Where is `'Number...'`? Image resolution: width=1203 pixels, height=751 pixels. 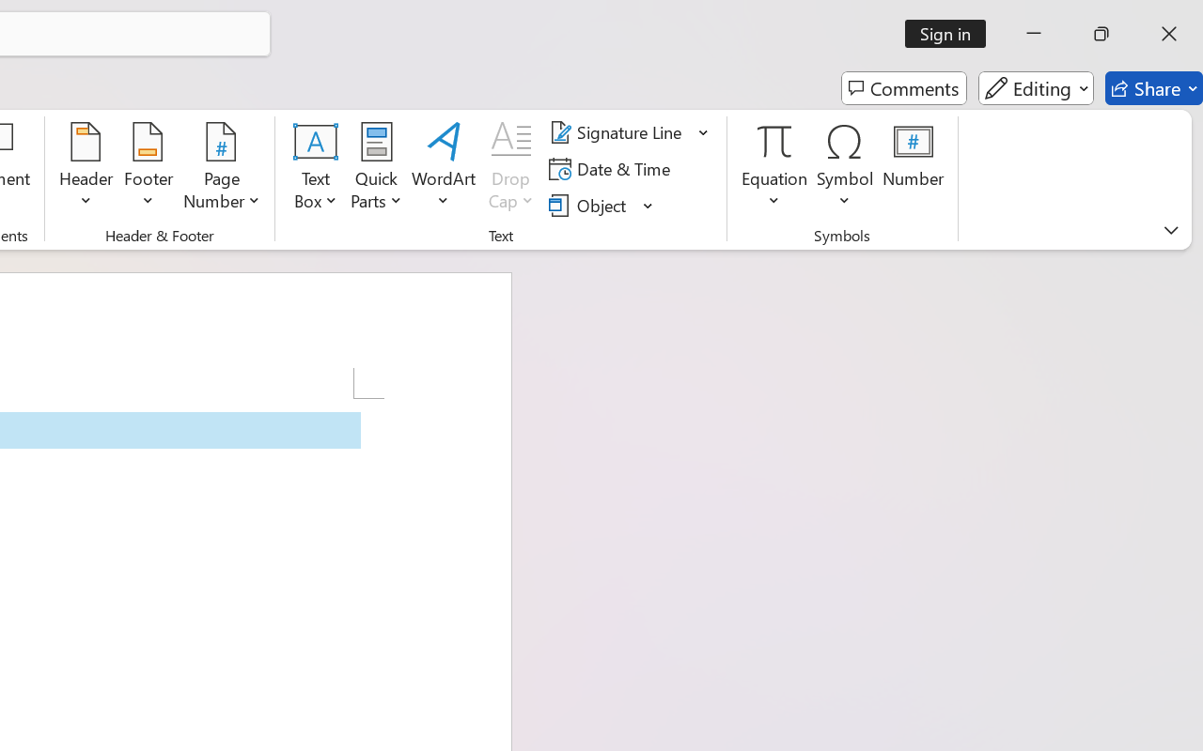
'Number...' is located at coordinates (914, 168).